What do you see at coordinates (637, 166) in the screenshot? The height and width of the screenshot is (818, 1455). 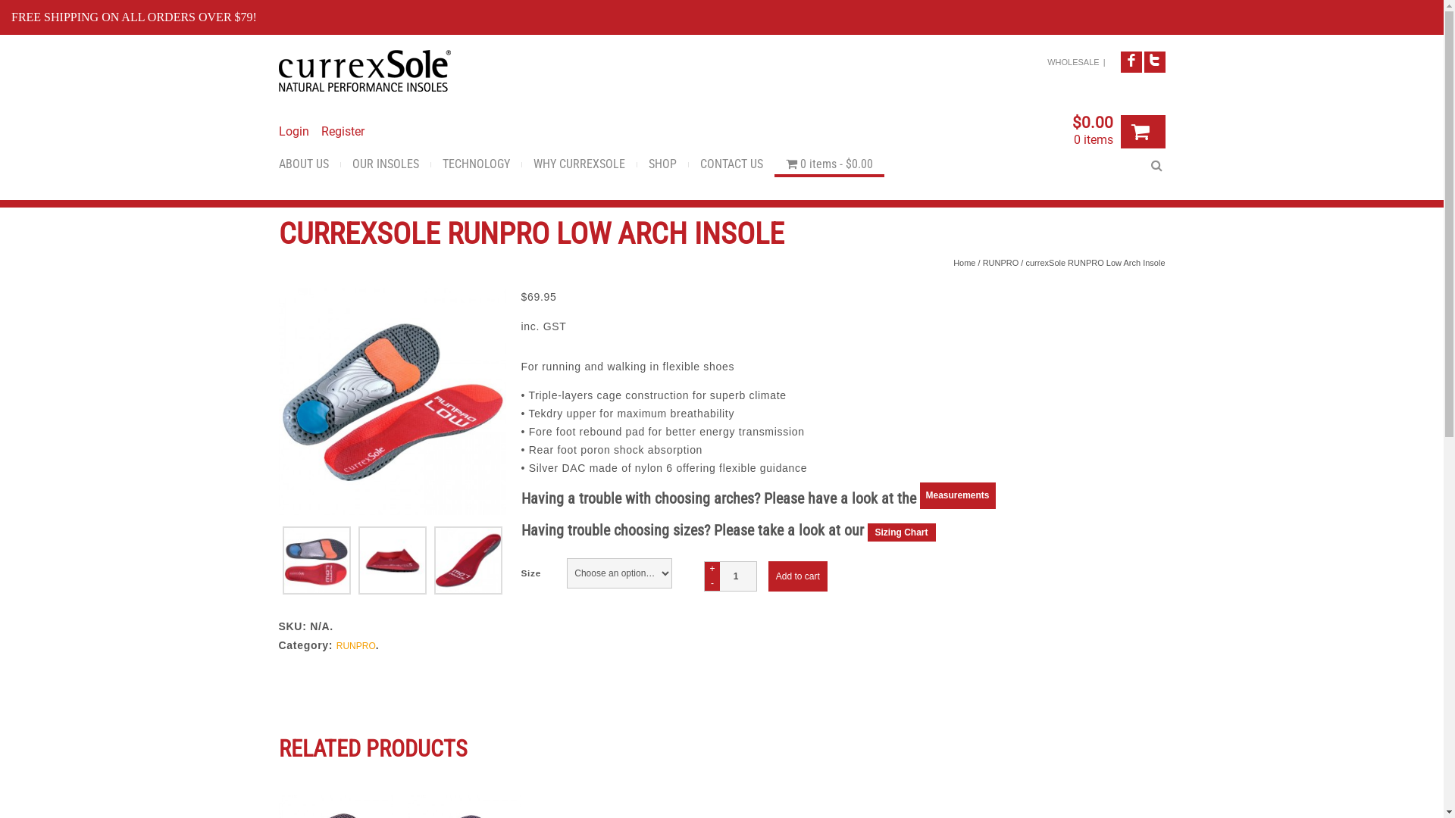 I see `'SHOP'` at bounding box center [637, 166].